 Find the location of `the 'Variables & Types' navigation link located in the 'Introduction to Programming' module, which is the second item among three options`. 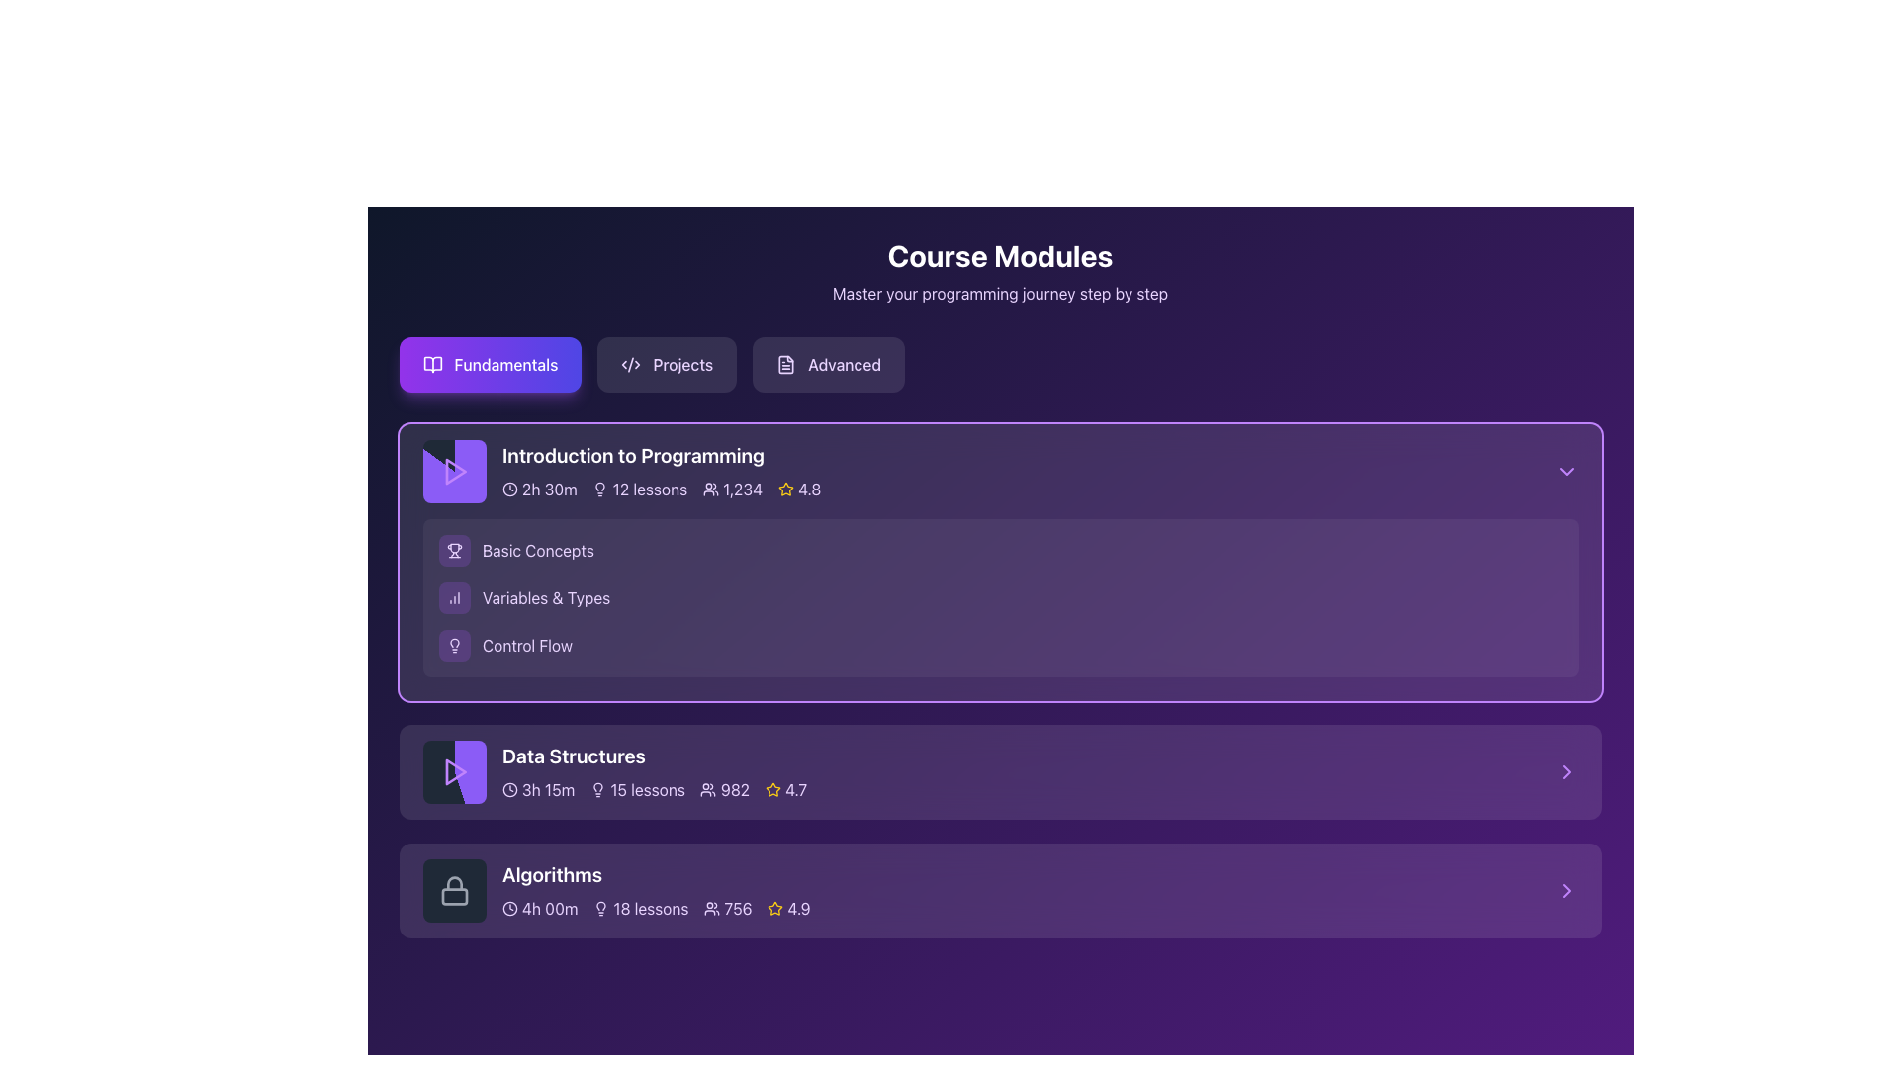

the 'Variables & Types' navigation link located in the 'Introduction to Programming' module, which is the second item among three options is located at coordinates (546, 597).